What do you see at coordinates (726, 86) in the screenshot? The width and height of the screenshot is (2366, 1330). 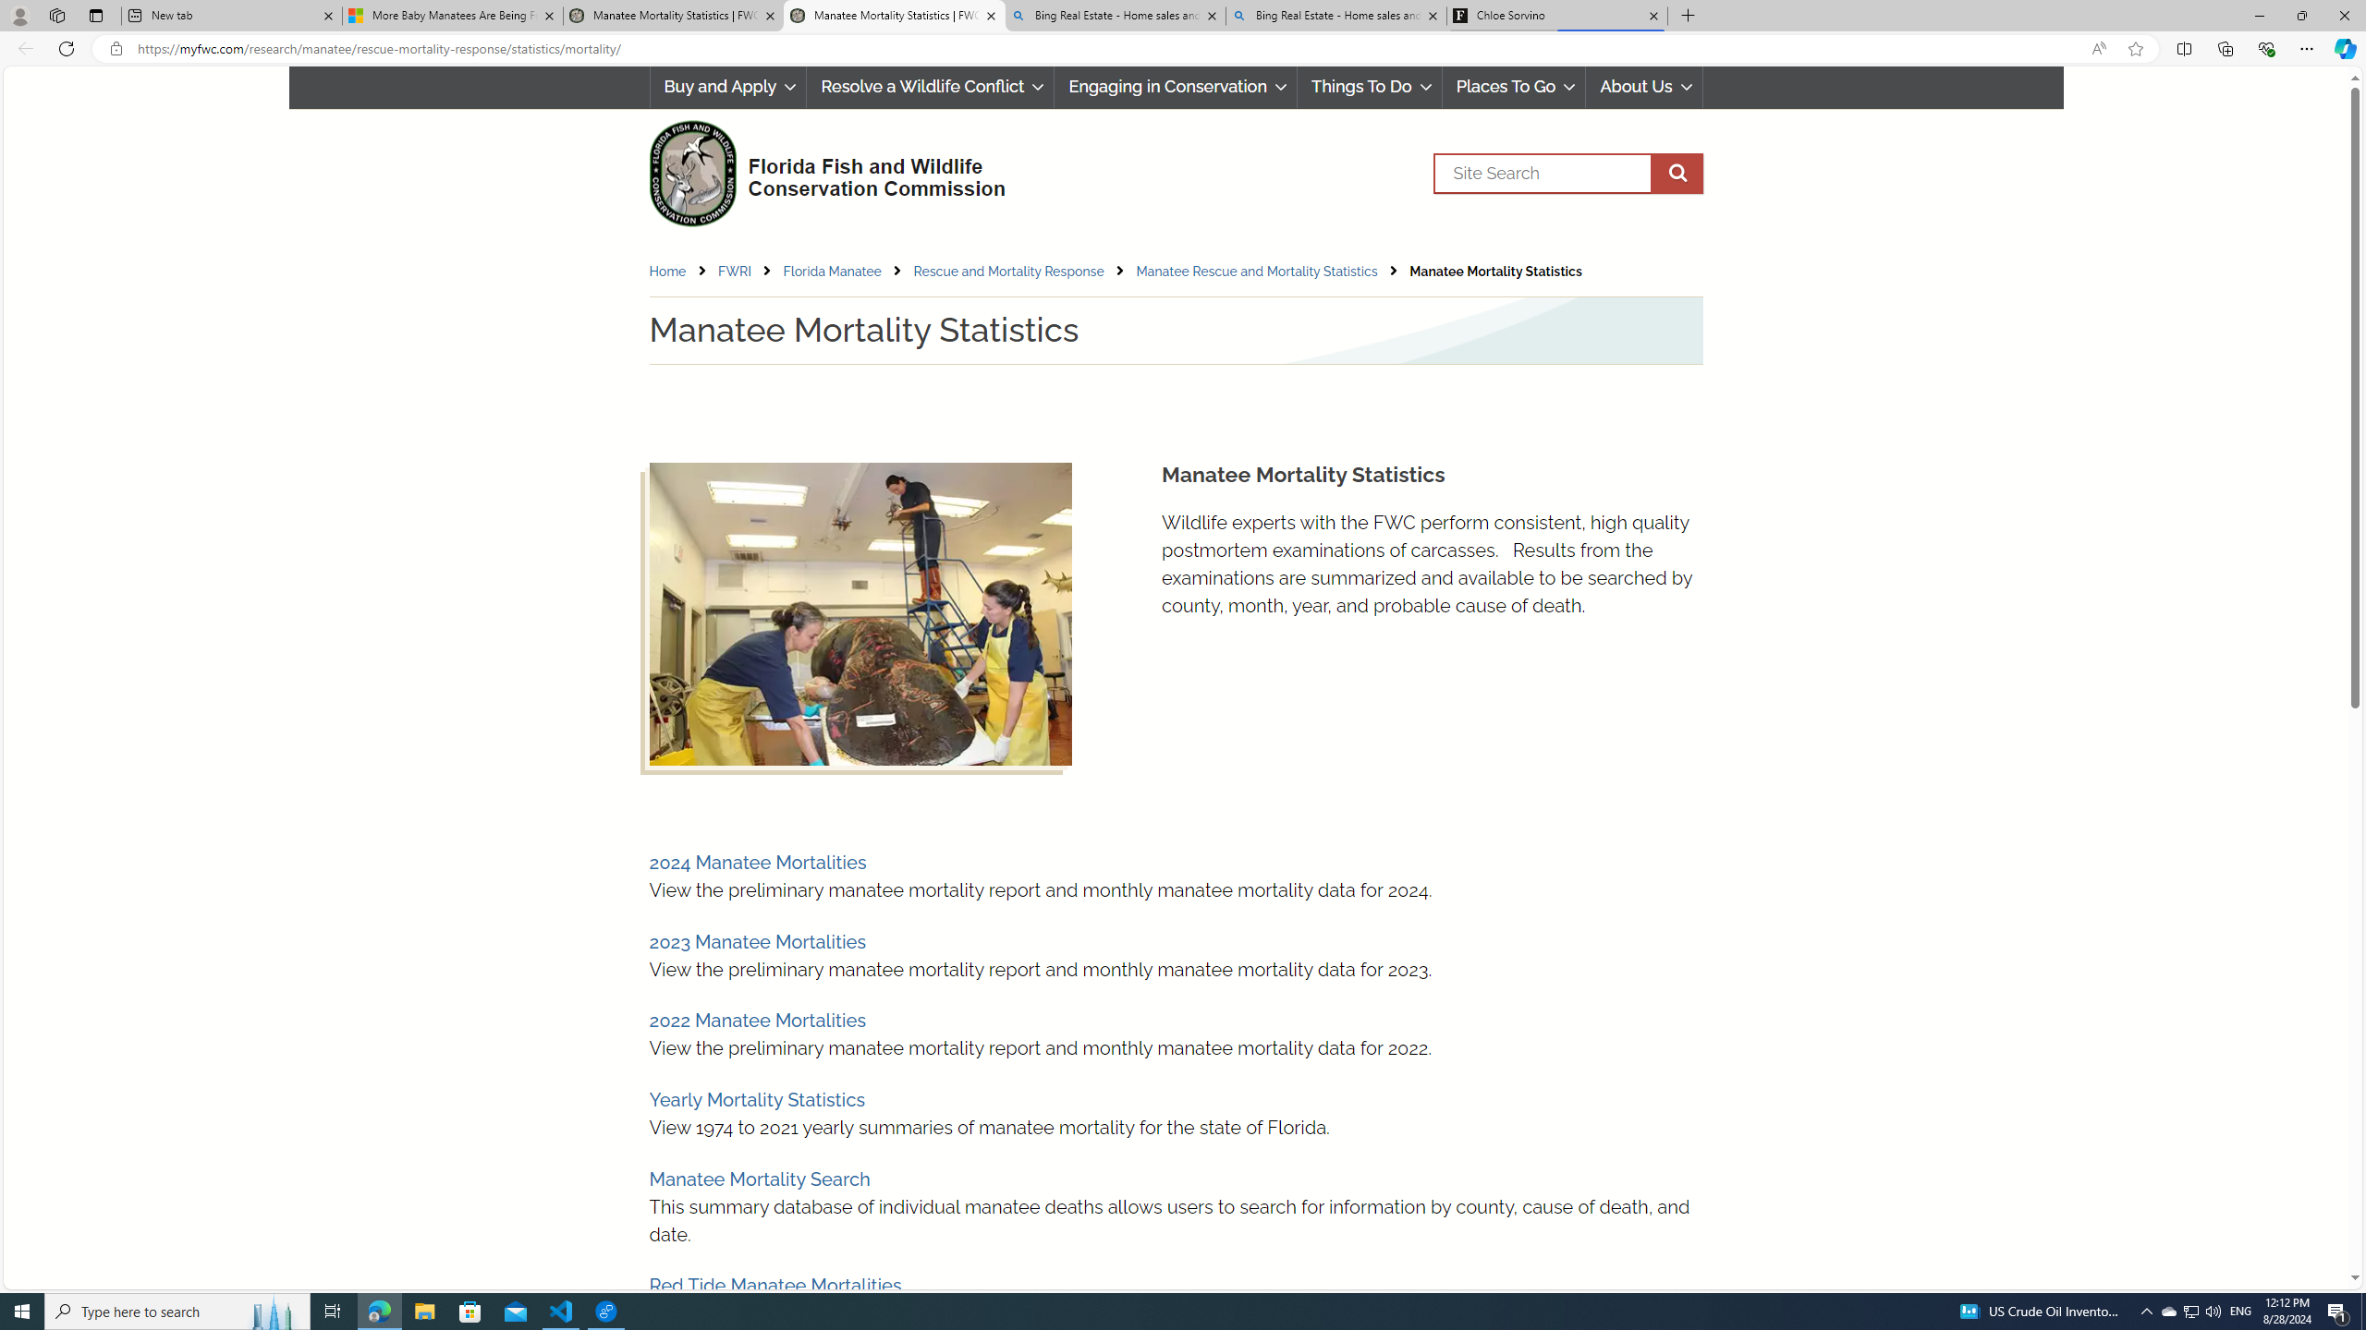 I see `'Buy and Apply'` at bounding box center [726, 86].